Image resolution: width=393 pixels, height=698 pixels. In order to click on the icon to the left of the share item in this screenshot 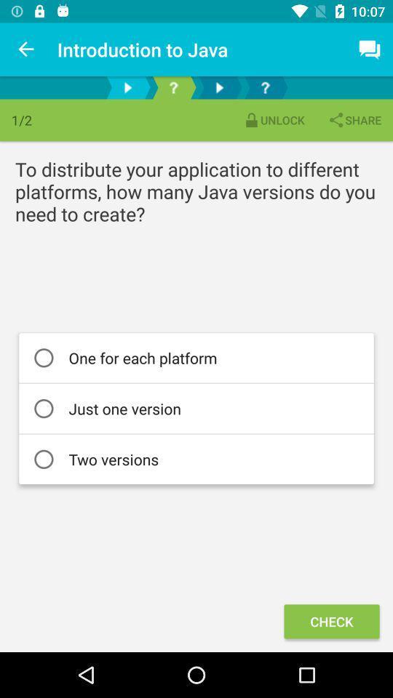, I will do `click(274, 119)`.